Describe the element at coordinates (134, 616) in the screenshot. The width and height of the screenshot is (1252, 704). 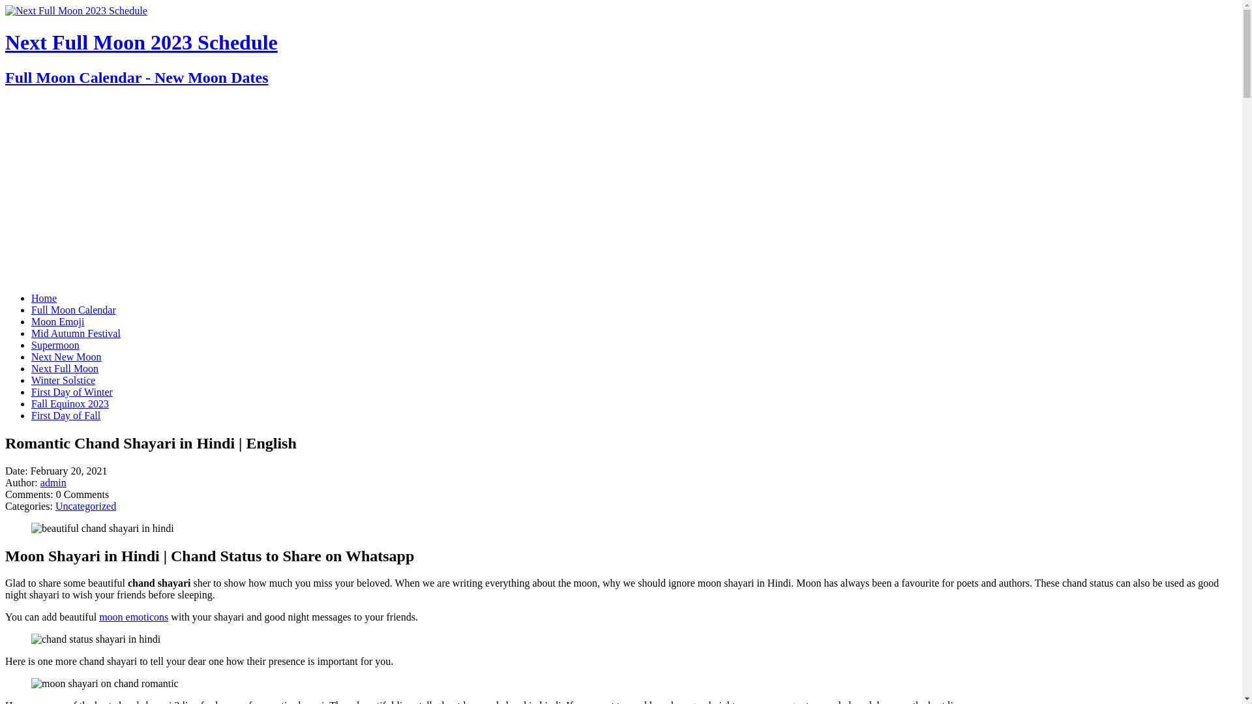
I see `'moon emoticons'` at that location.